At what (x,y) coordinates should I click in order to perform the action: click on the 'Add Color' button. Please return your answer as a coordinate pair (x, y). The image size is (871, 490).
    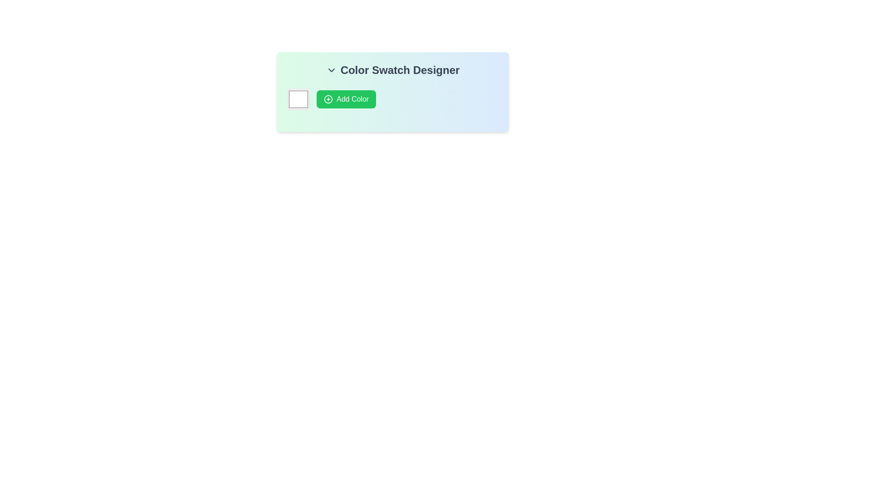
    Looking at the image, I should click on (346, 99).